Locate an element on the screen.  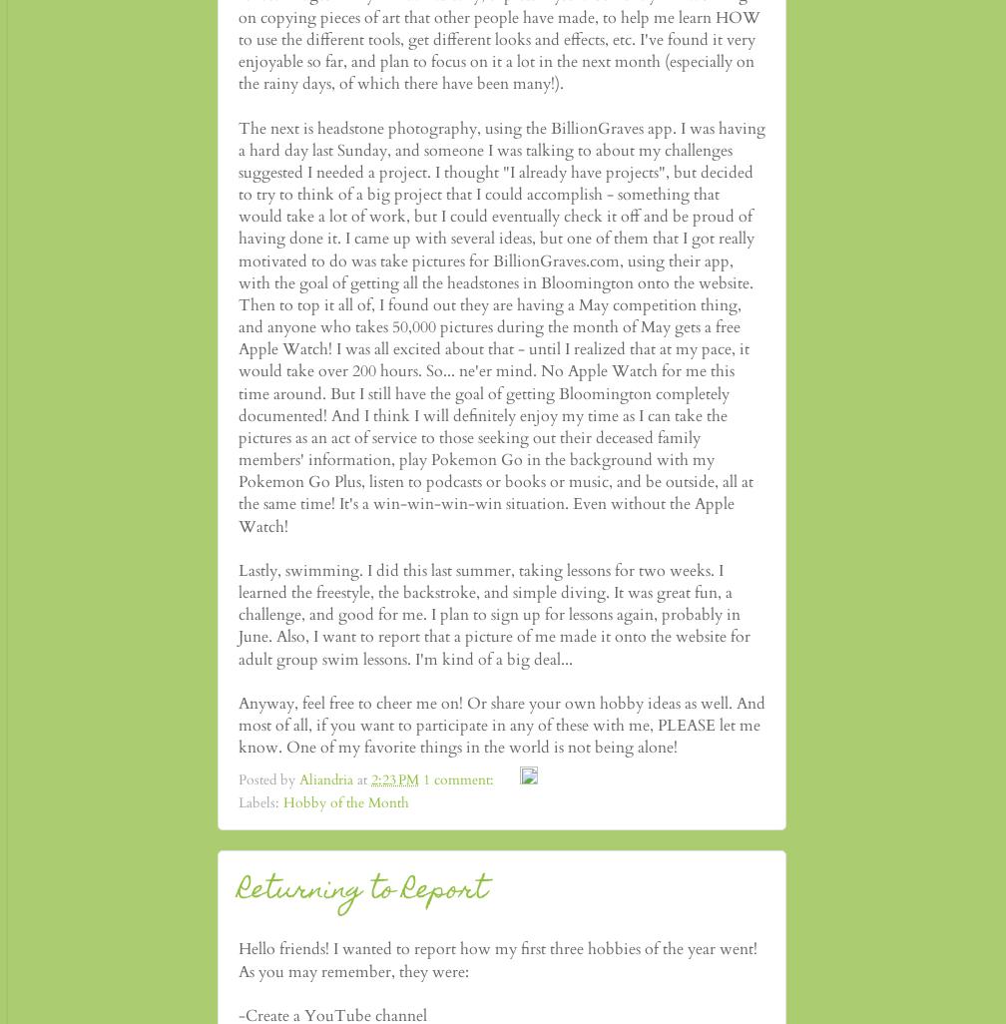
'Anyway, feel free to cheer me on! Or share your own hobby ideas as well. And most of all, if you want to participate in any of these with me, PLEASE let me know. One of my favorite things in the world is not being alone!' is located at coordinates (501, 725).